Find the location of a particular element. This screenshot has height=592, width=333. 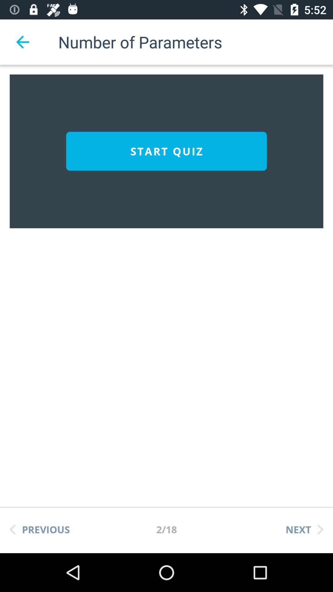

icon to the left of 2/18 item is located at coordinates (39, 529).